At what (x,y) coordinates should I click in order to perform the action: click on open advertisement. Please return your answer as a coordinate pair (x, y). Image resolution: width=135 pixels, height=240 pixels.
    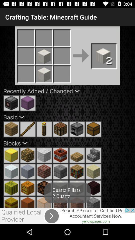
    Looking at the image, I should click on (67, 216).